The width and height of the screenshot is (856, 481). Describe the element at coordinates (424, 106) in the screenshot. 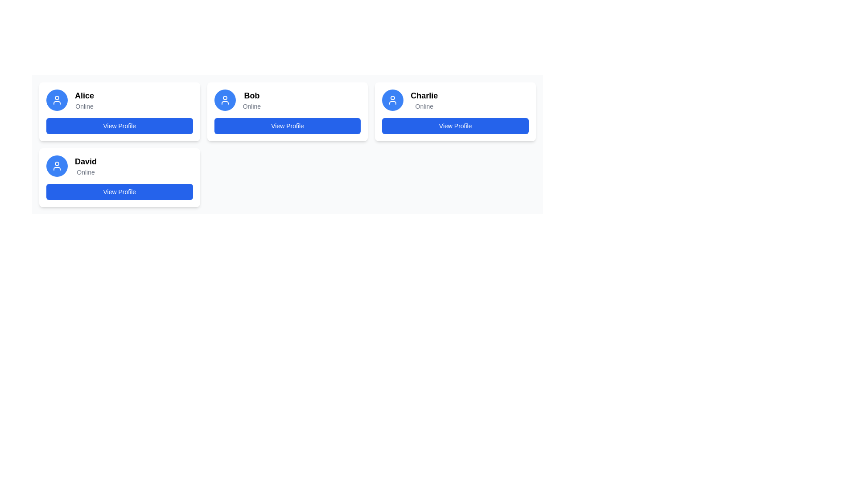

I see `the static text label indicating the online status of the user labeled 'Charlie', which is located at the bottom-center of the section labeled 'Charlie'` at that location.